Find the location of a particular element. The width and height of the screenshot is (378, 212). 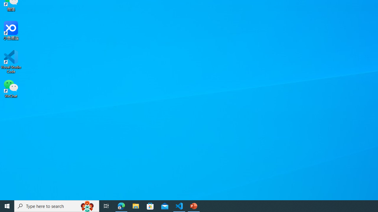

'WeChat' is located at coordinates (11, 88).